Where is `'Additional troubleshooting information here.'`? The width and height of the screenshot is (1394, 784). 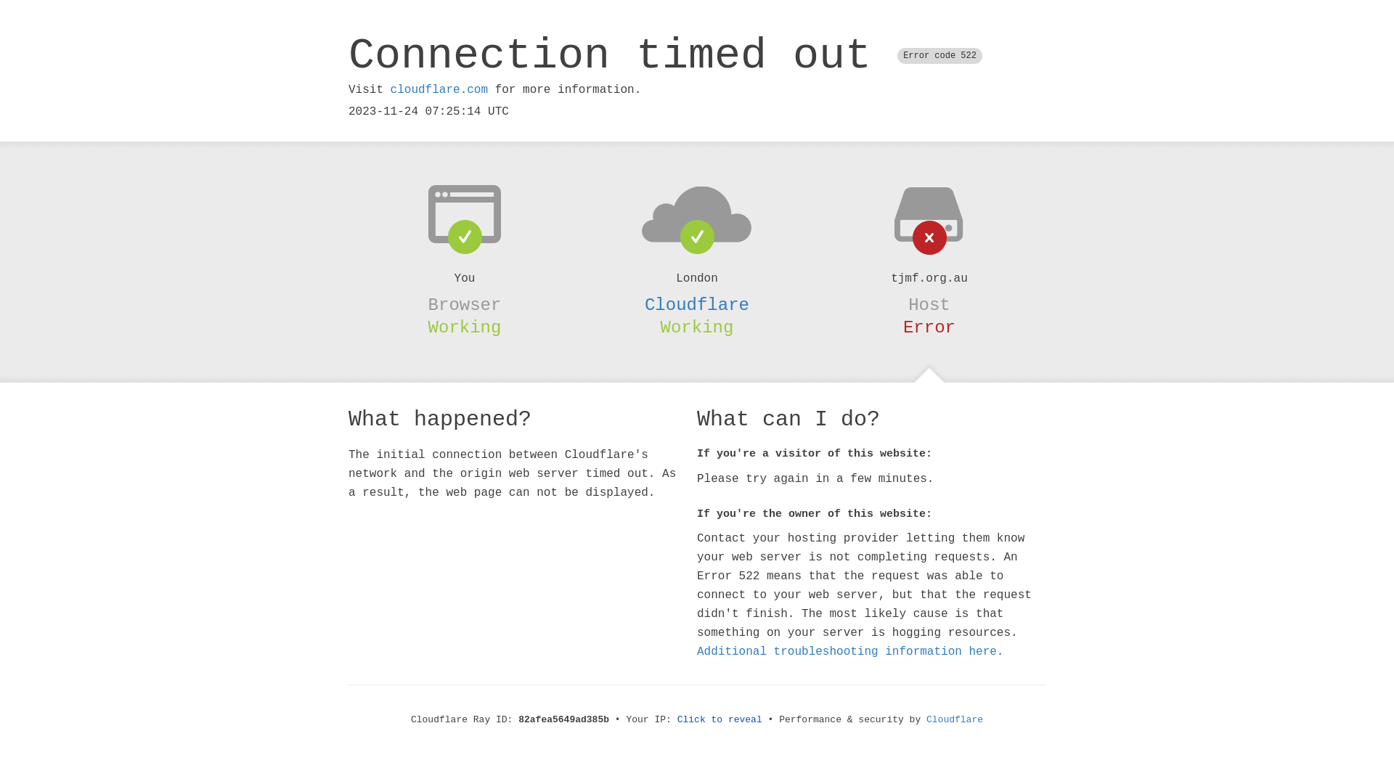 'Additional troubleshooting information here.' is located at coordinates (697, 651).